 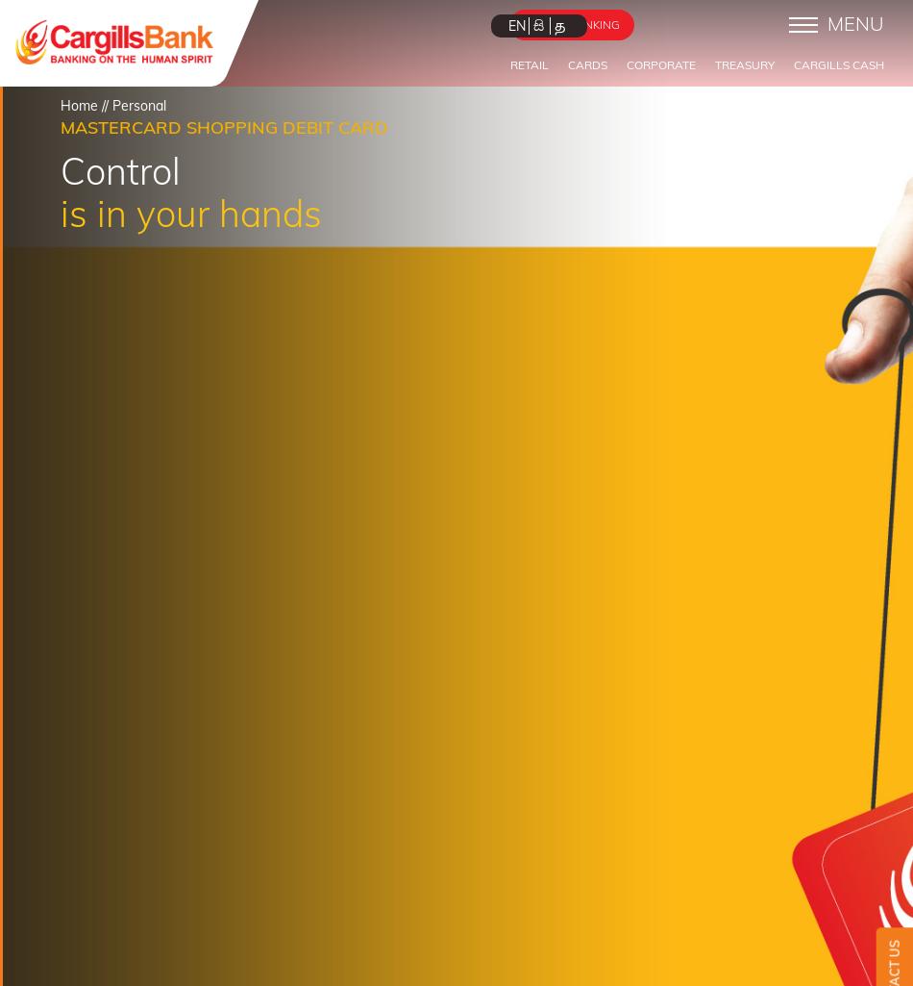 What do you see at coordinates (516, 25) in the screenshot?
I see `'EN'` at bounding box center [516, 25].